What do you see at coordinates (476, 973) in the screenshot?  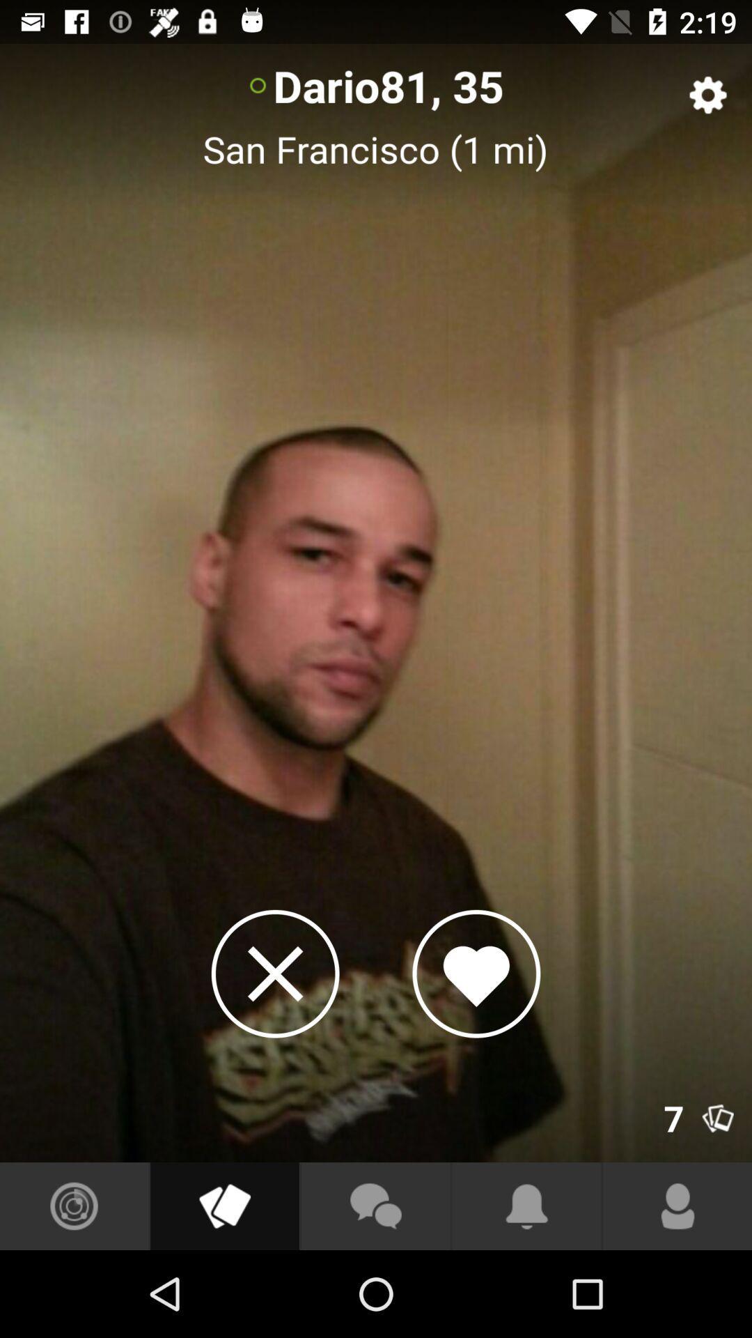 I see `the favorite icon` at bounding box center [476, 973].